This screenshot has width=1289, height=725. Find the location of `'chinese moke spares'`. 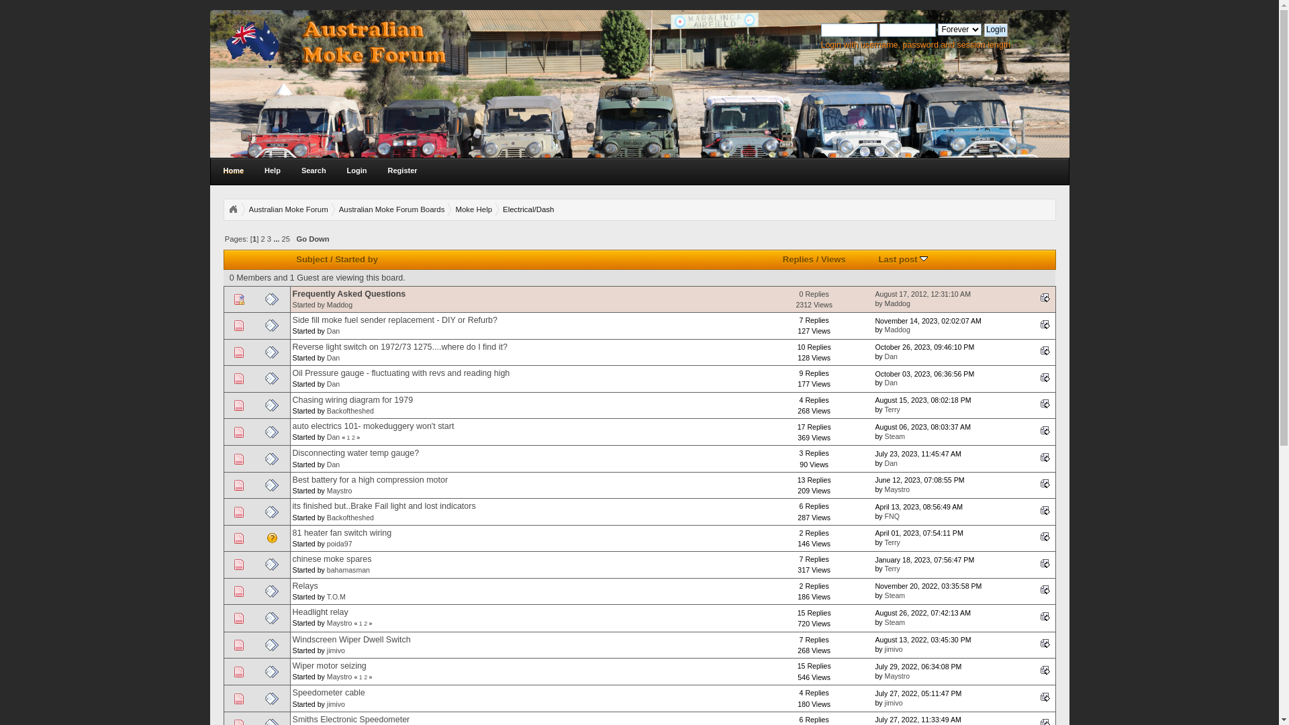

'chinese moke spares' is located at coordinates (332, 559).